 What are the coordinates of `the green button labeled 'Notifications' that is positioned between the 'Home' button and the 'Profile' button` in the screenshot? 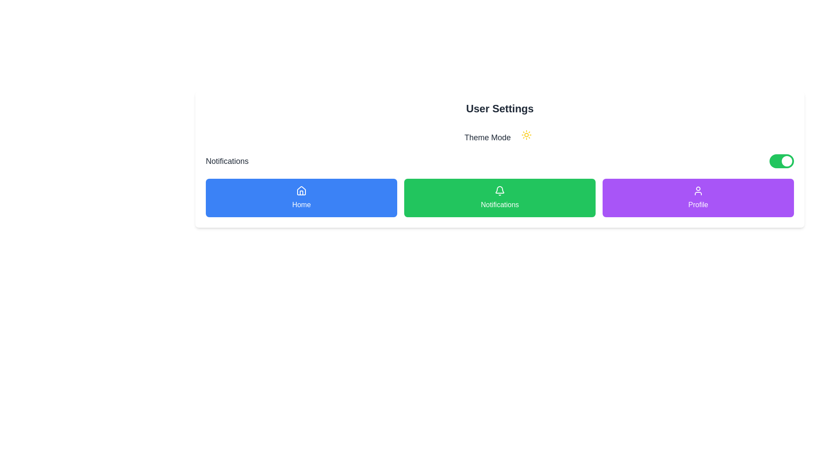 It's located at (499, 198).